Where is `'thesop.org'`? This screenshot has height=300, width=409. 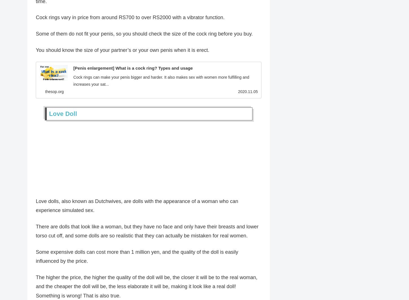
'thesop.org' is located at coordinates (54, 92).